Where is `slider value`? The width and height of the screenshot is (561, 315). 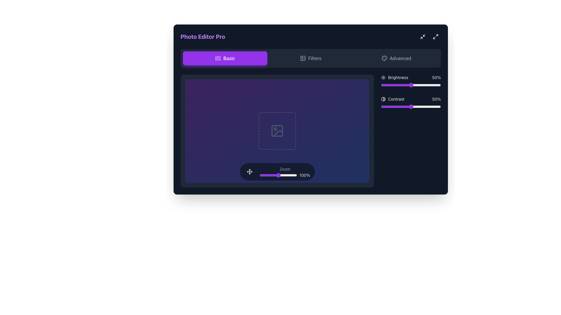 slider value is located at coordinates (401, 85).